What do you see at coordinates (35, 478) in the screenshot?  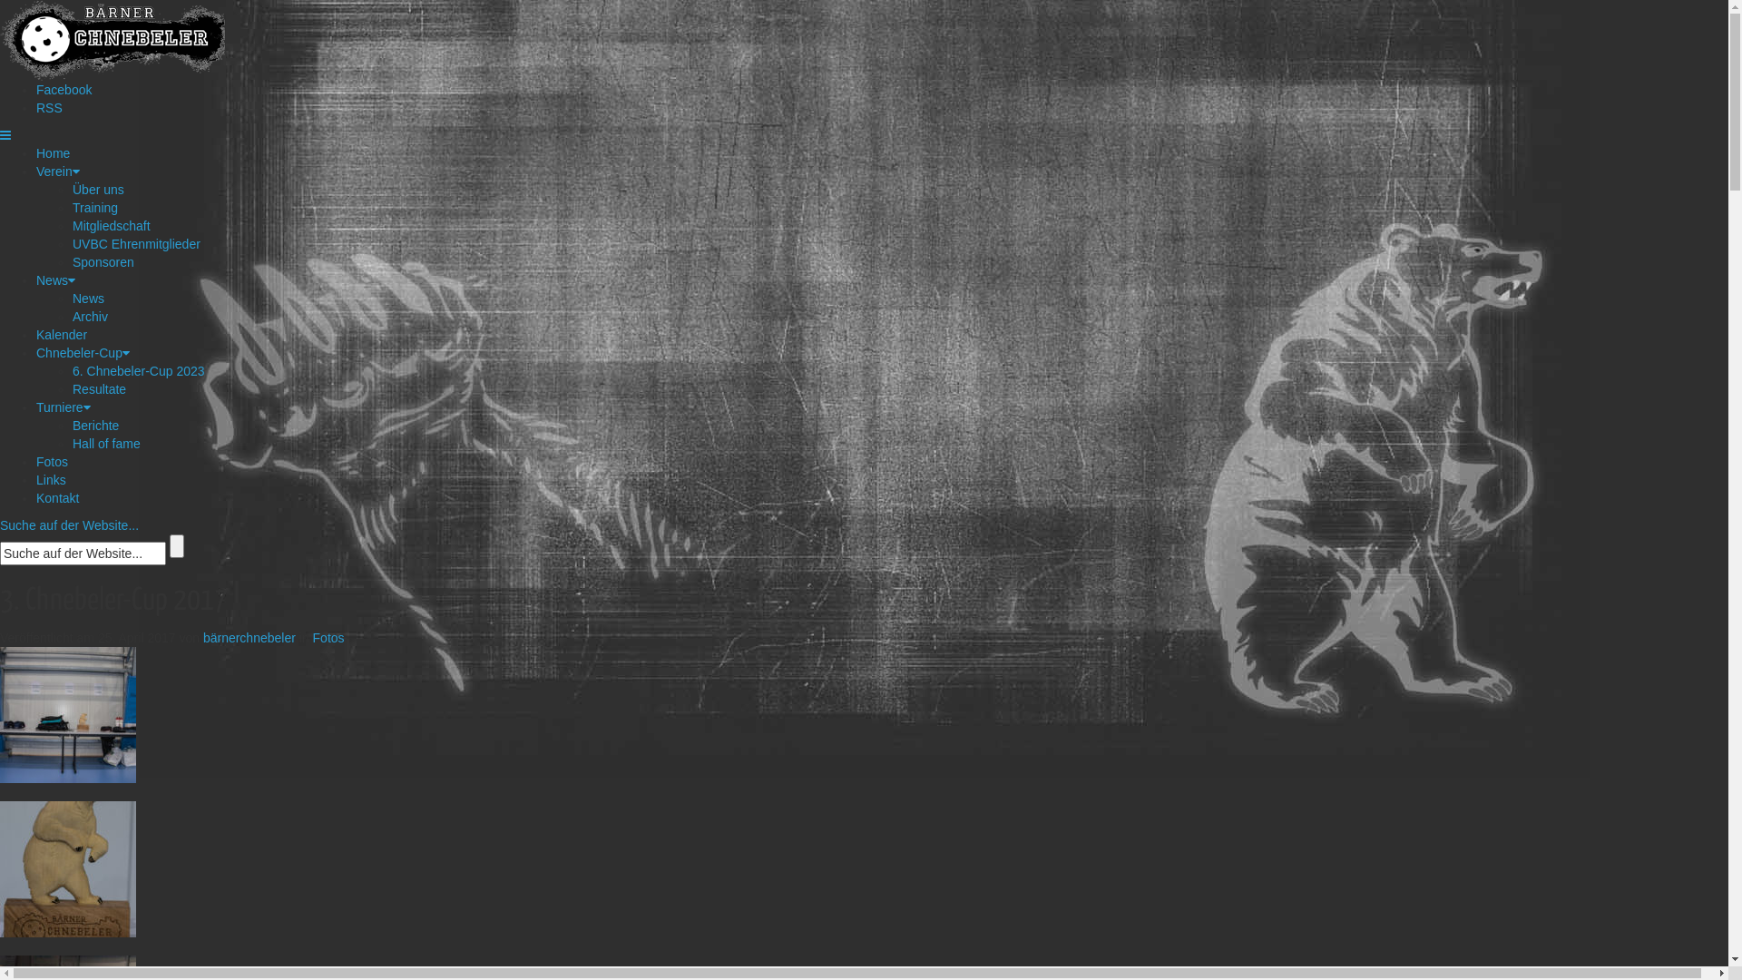 I see `'Links'` at bounding box center [35, 478].